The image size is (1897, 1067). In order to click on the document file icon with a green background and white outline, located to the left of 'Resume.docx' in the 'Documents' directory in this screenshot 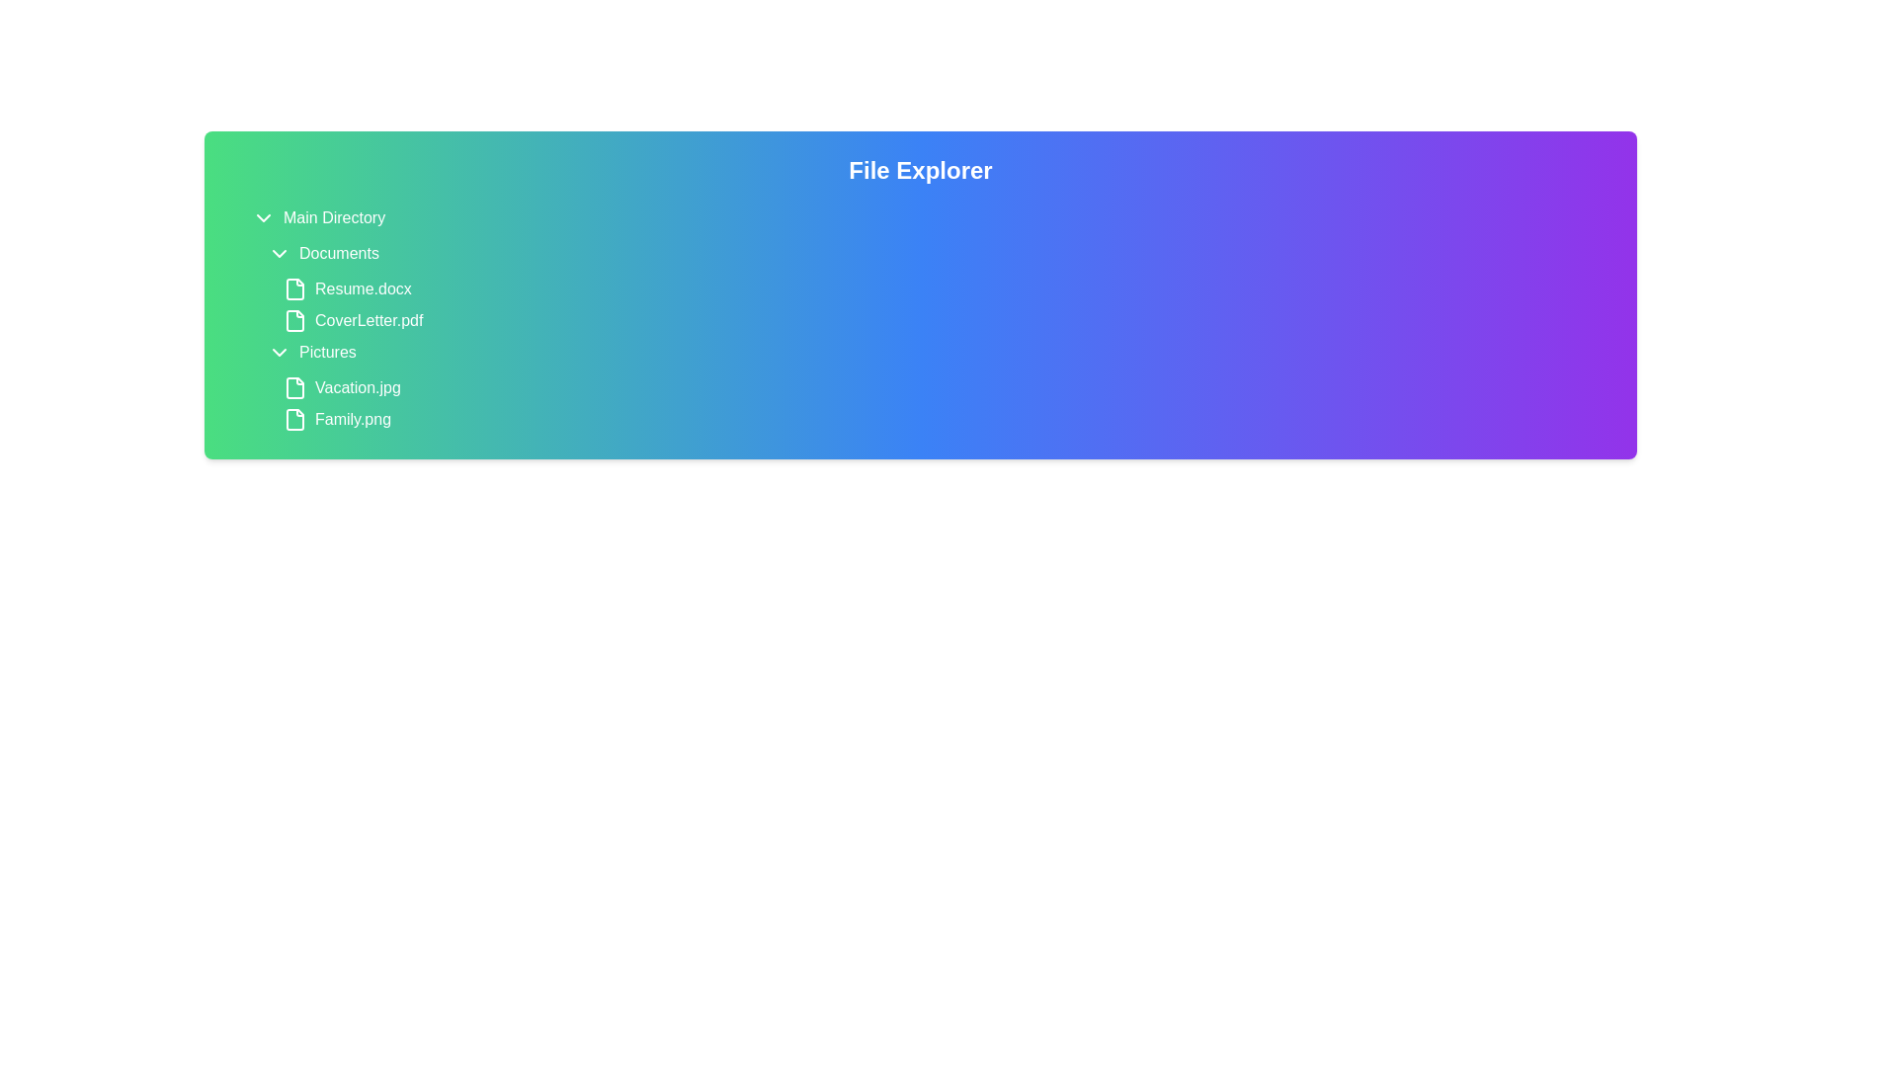, I will do `click(293, 289)`.